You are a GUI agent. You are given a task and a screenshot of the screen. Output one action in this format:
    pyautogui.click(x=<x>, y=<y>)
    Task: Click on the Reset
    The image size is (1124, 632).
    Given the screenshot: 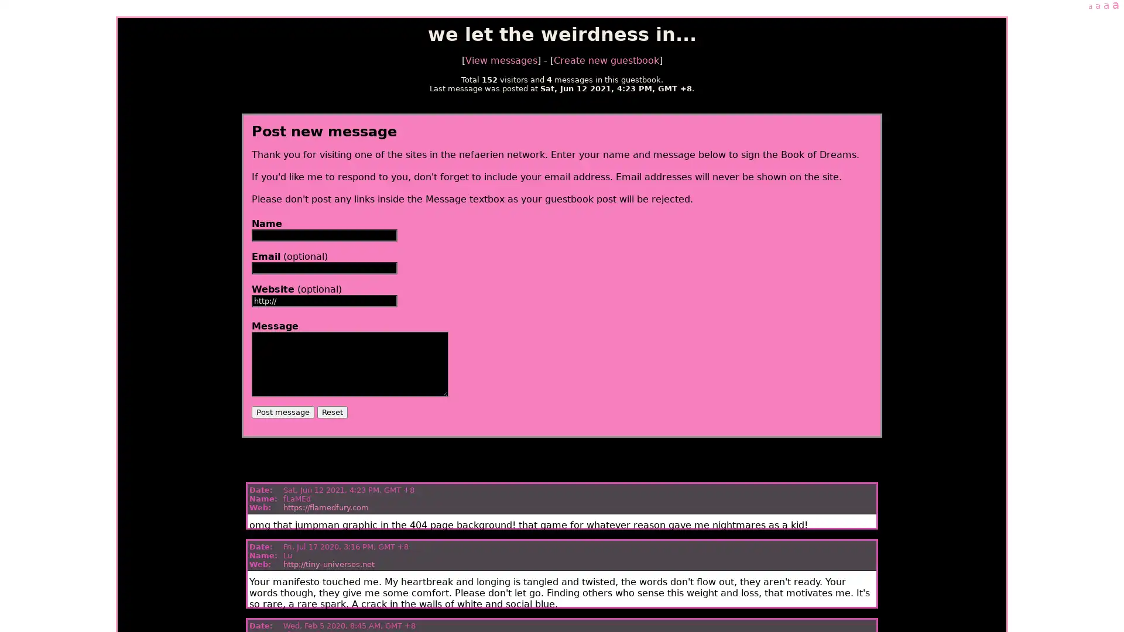 What is the action you would take?
    pyautogui.click(x=331, y=411)
    